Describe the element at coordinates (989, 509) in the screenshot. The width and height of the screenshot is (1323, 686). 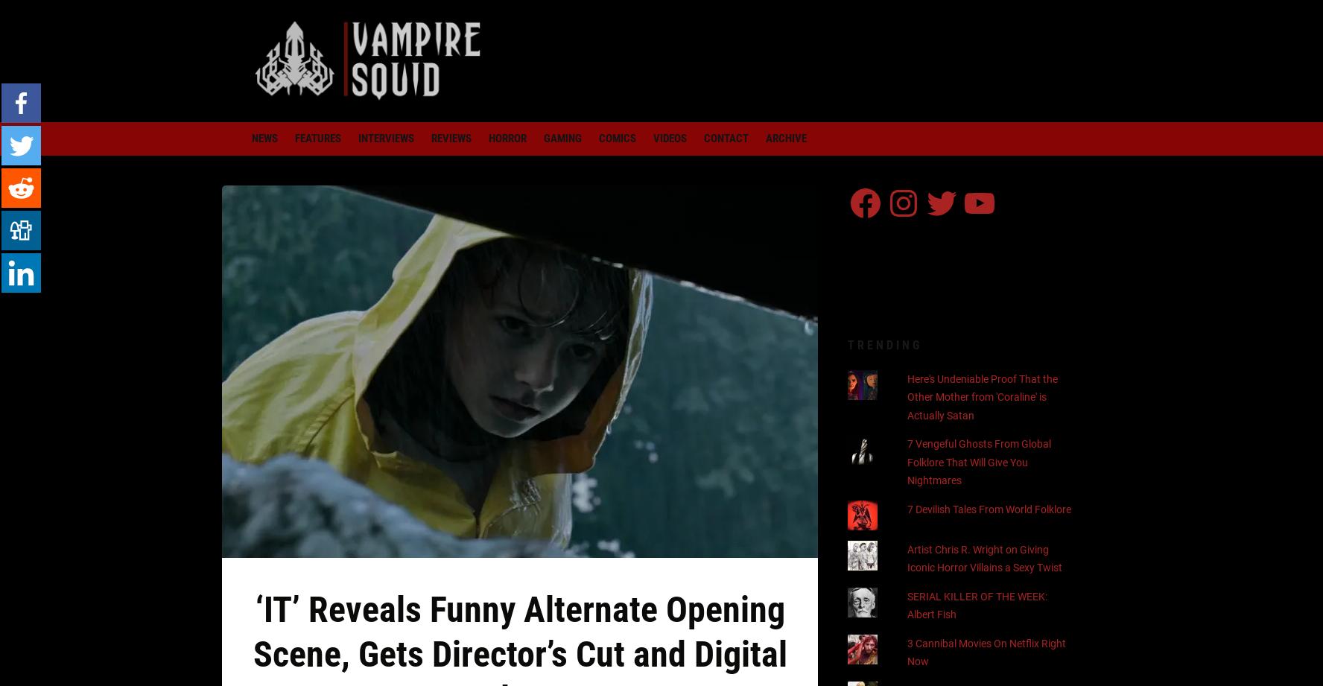
I see `'7 Devilish Tales From World Folklore'` at that location.